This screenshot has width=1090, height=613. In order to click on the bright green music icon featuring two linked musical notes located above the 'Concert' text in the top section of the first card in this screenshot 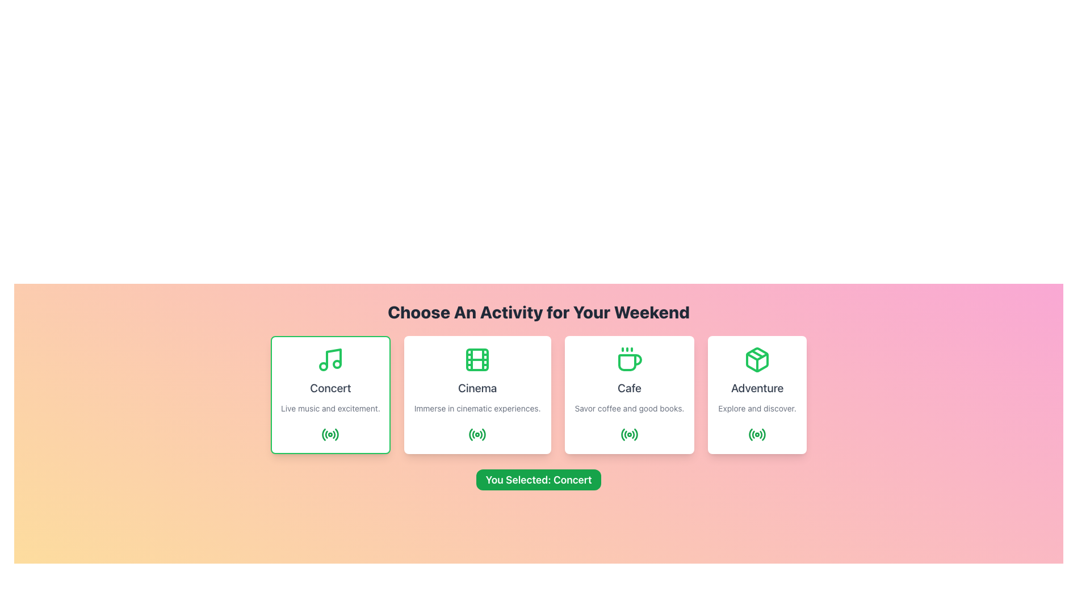, I will do `click(330, 359)`.